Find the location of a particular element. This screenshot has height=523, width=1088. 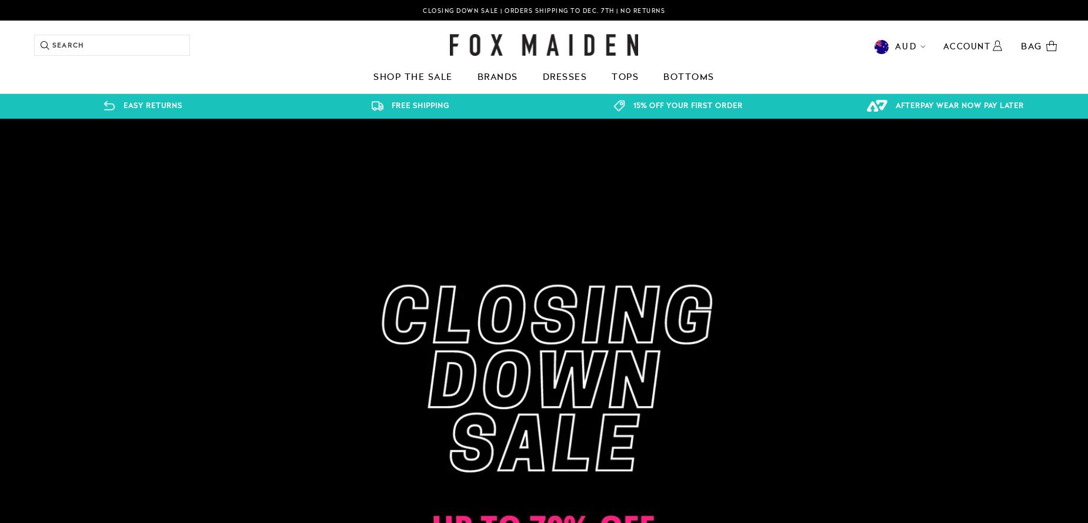

'Dresses' is located at coordinates (563, 76).